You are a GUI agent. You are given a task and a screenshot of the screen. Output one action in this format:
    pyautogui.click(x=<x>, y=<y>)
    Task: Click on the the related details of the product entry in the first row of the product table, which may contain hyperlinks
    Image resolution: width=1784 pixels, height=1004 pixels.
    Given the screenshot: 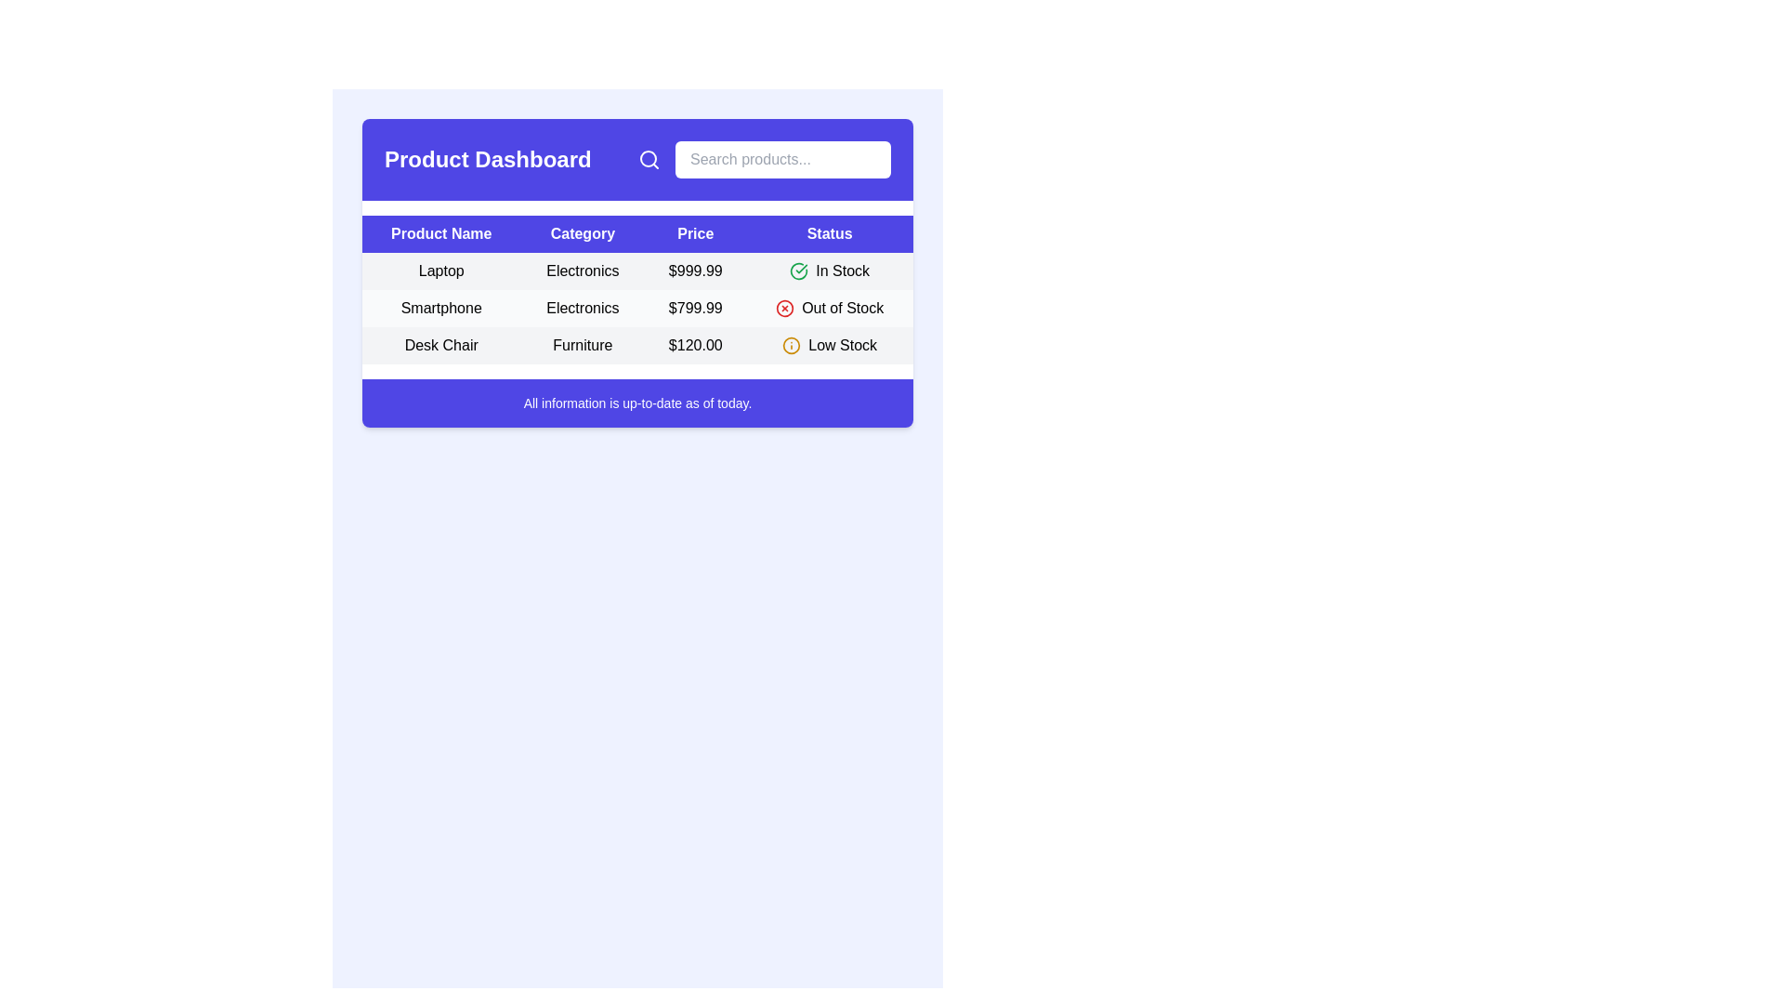 What is the action you would take?
    pyautogui.click(x=637, y=271)
    